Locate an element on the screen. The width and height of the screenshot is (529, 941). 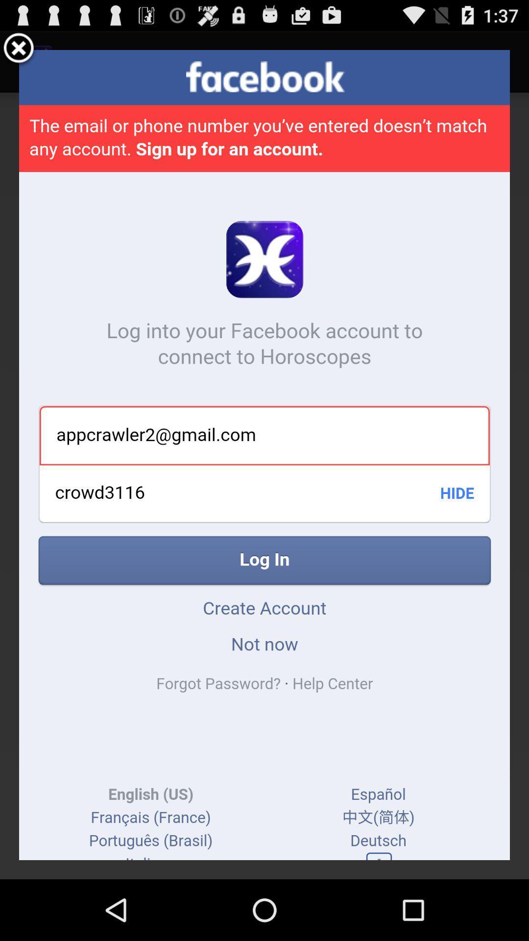
form is located at coordinates (19, 49).